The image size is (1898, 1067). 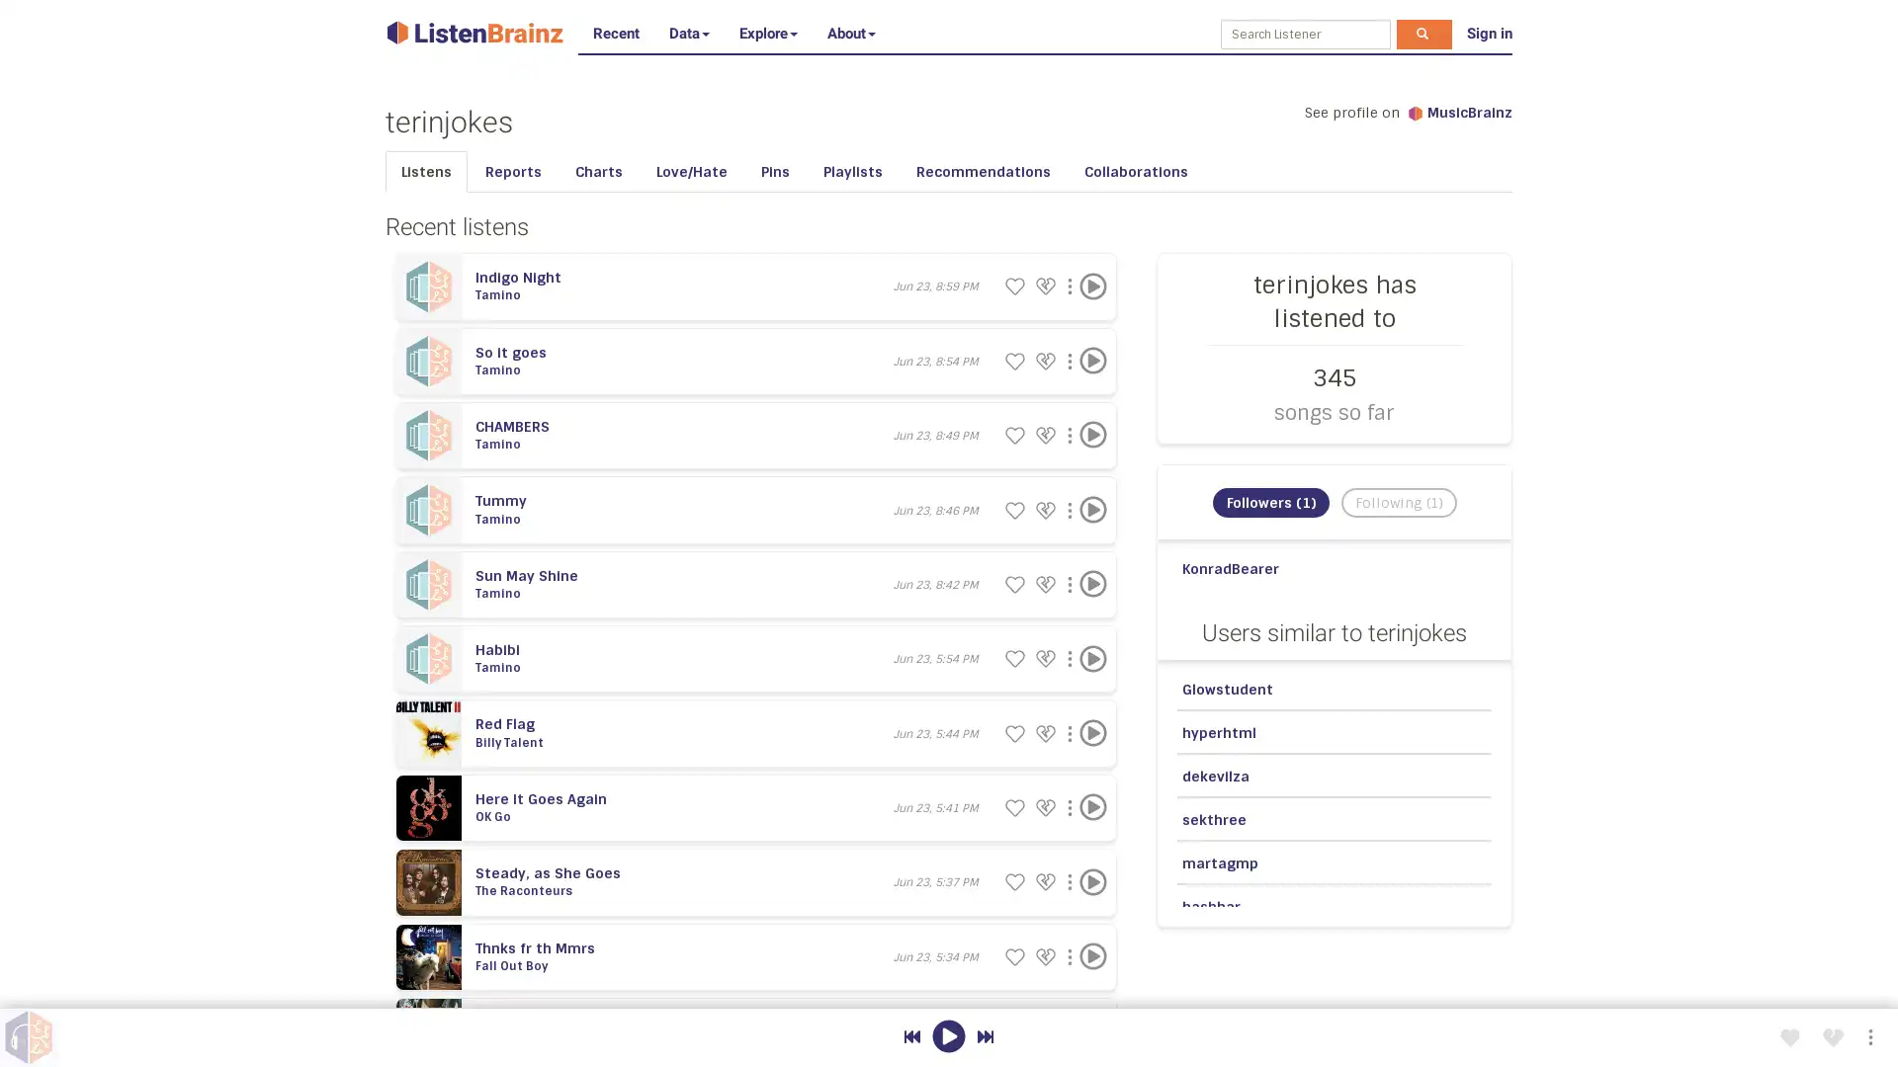 What do you see at coordinates (1091, 361) in the screenshot?
I see `Play` at bounding box center [1091, 361].